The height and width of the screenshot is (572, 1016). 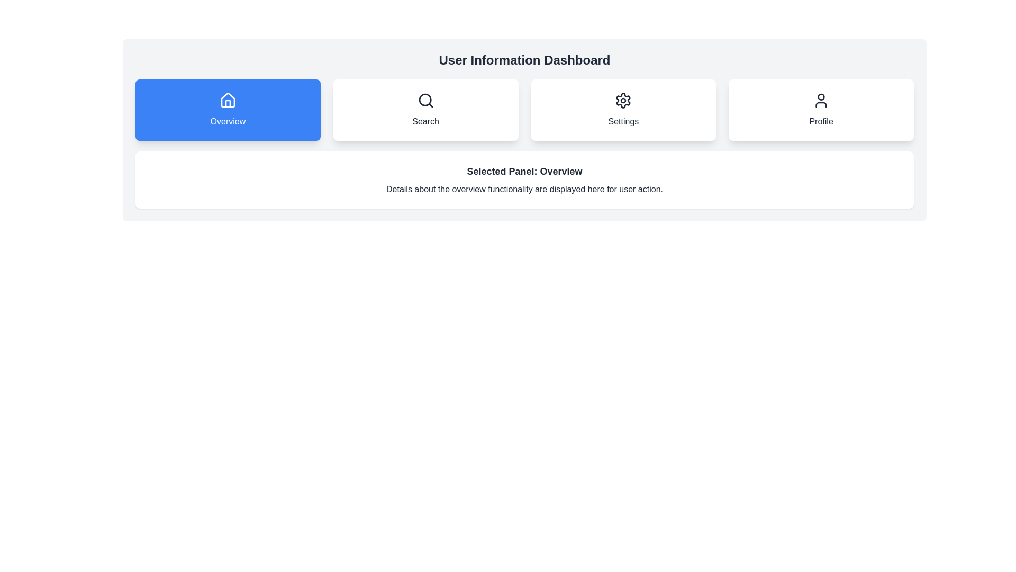 What do you see at coordinates (227, 100) in the screenshot?
I see `the house icon located within the 'Overview' button, which is the leftmost button in the navigation row at the top of the interface` at bounding box center [227, 100].